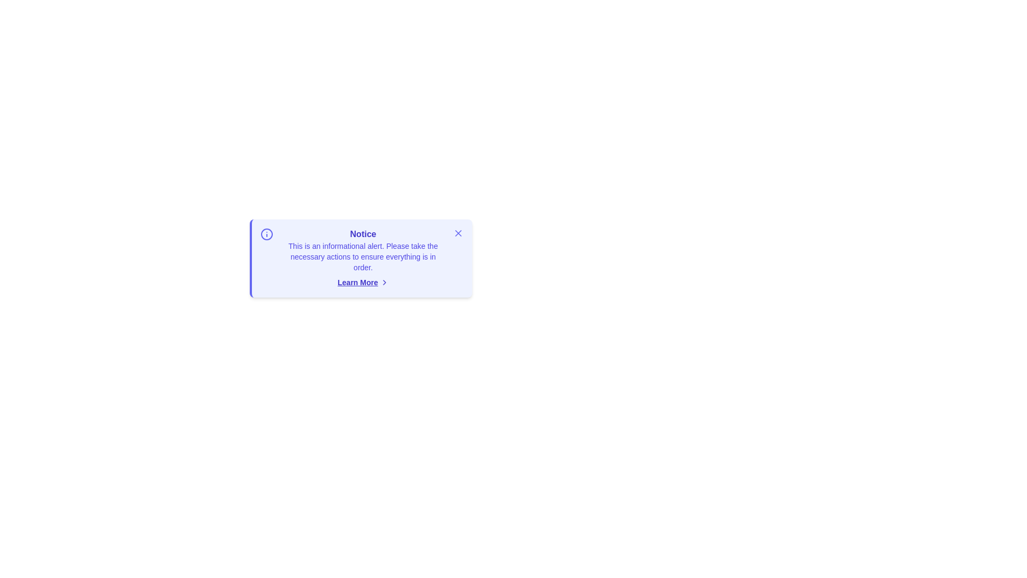 This screenshot has height=578, width=1027. What do you see at coordinates (363, 282) in the screenshot?
I see `the 'Learn More' button to expand details about the alert` at bounding box center [363, 282].